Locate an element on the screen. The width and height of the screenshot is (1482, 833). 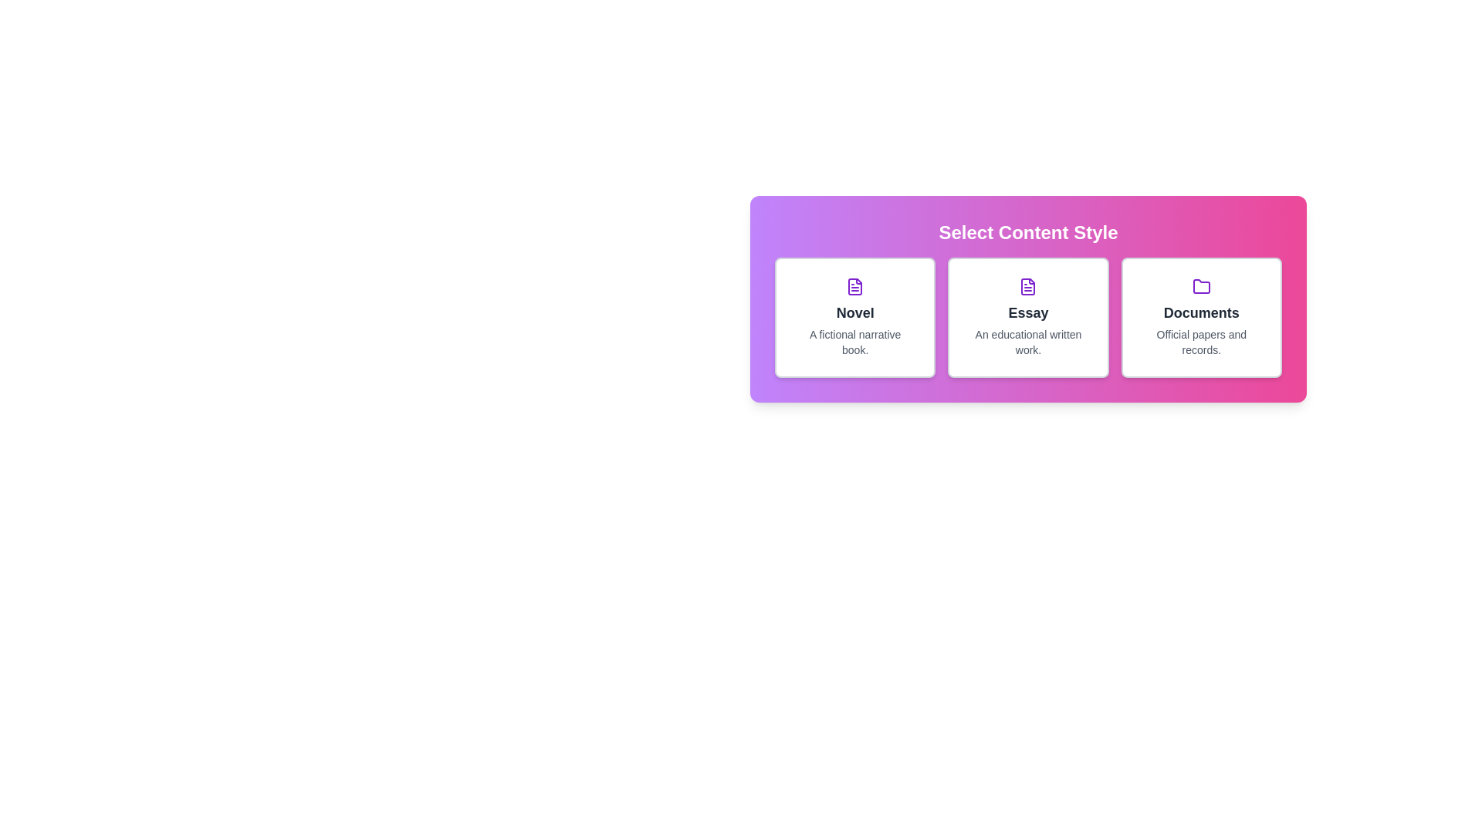
the purple document icon located above the 'Essay' section in the middle card of a three-card layout is located at coordinates (1028, 286).